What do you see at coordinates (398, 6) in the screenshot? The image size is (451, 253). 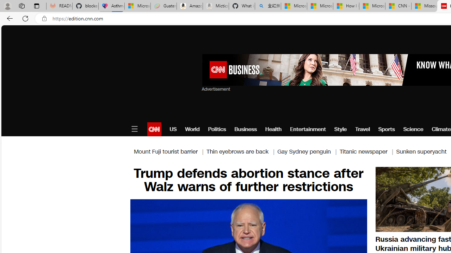 I see `'CNN - MSN'` at bounding box center [398, 6].